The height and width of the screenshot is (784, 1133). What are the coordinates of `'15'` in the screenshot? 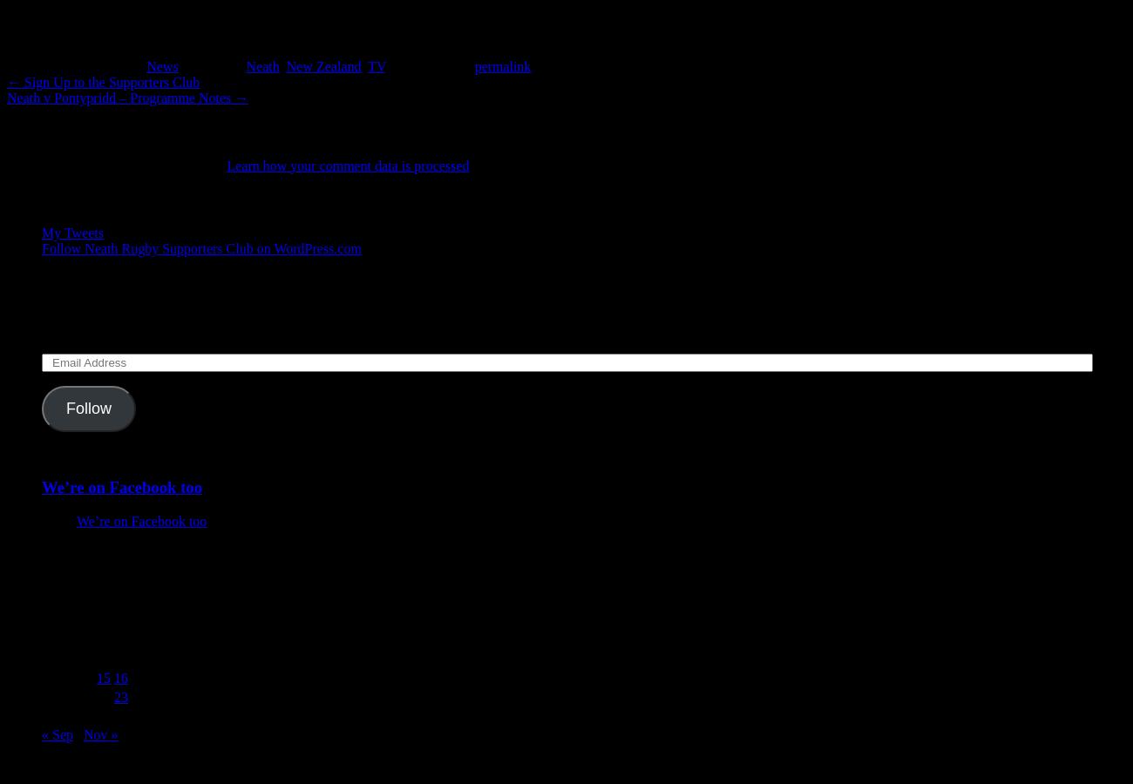 It's located at (102, 677).